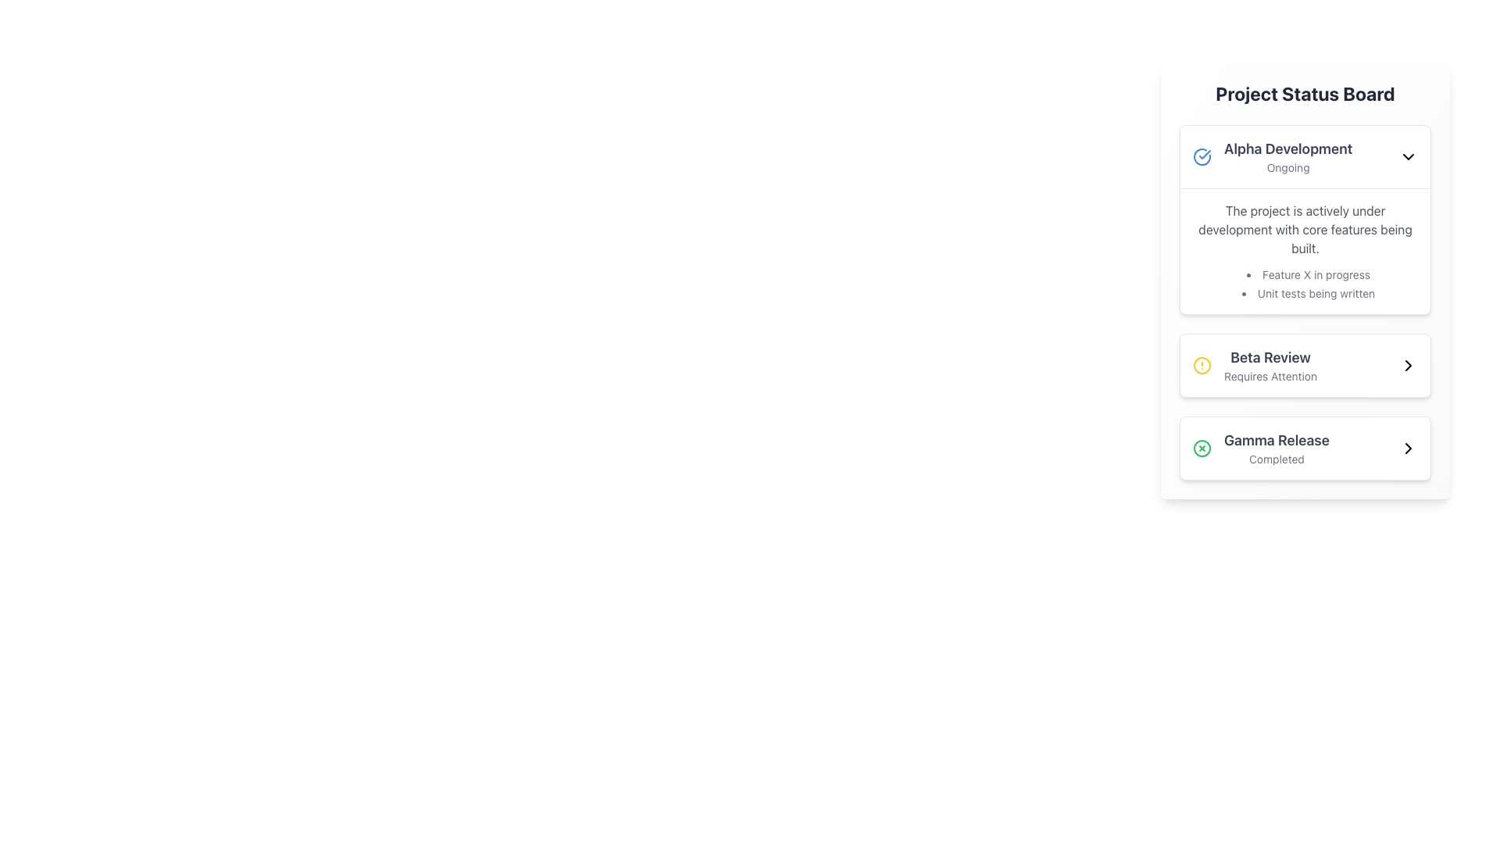 Image resolution: width=1500 pixels, height=844 pixels. I want to click on detailed information on the first status card titled 'Alpha Development' located at the top of the 'Project Status Board', so click(1305, 220).